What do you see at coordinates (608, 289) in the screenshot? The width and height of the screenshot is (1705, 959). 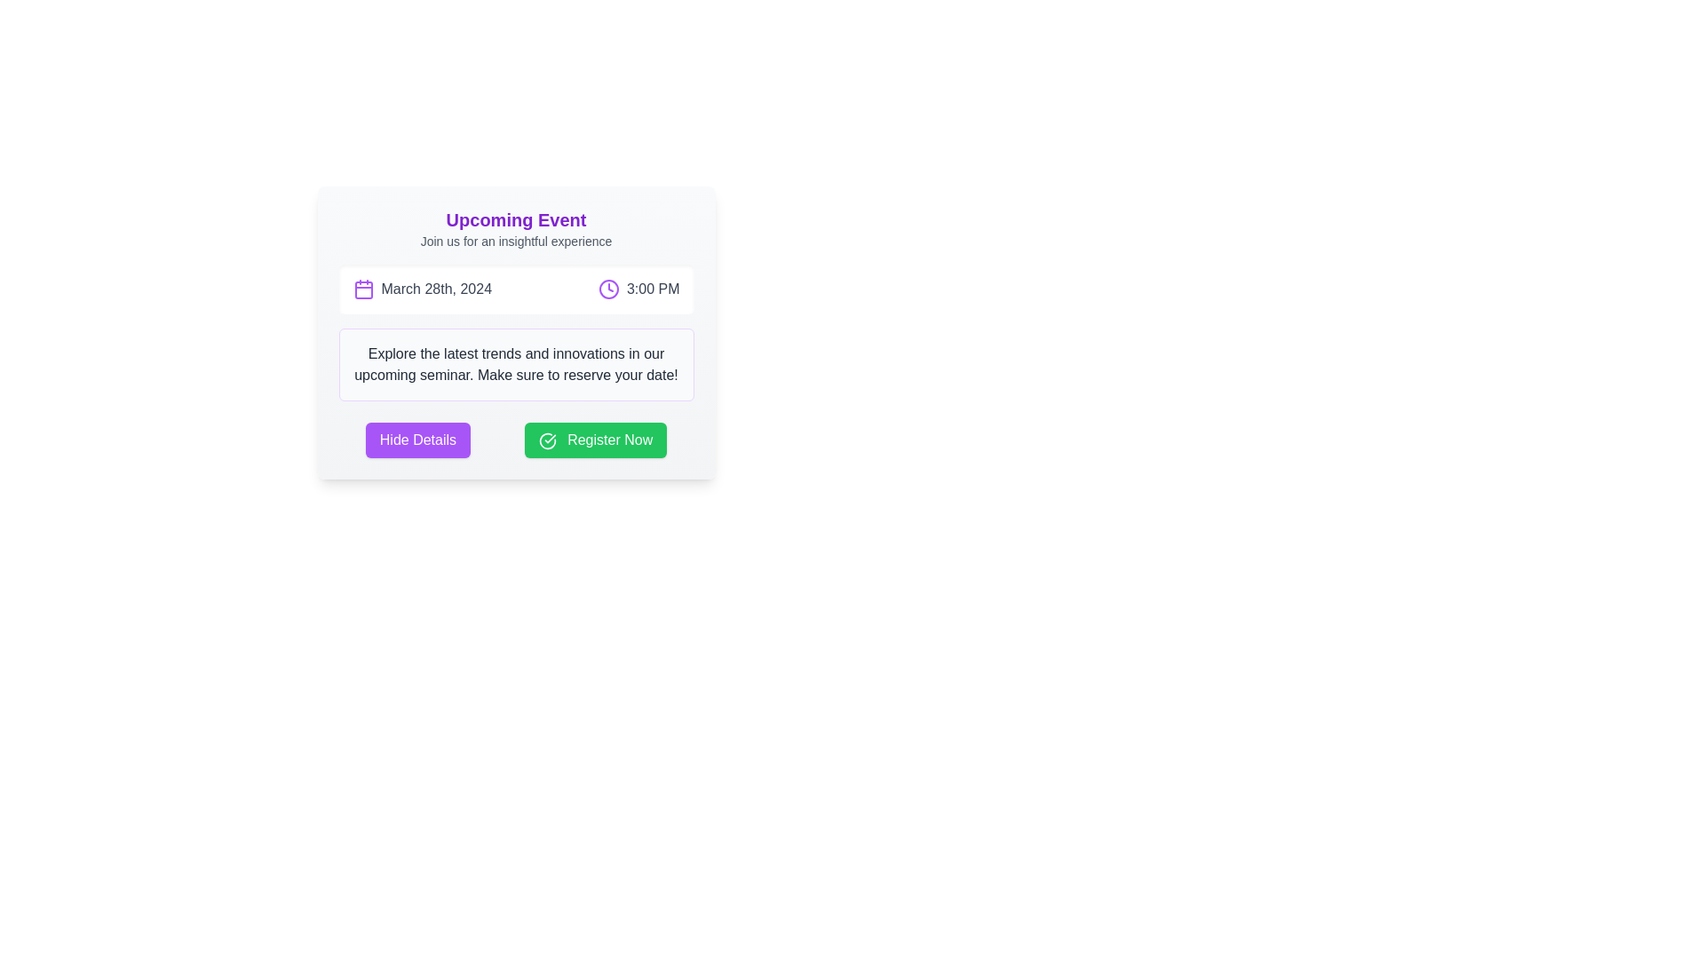 I see `the outermost circle of the clock icon, which is outlined with a purple stroke and located next to the '3:00 PM' label in the event details section` at bounding box center [608, 289].